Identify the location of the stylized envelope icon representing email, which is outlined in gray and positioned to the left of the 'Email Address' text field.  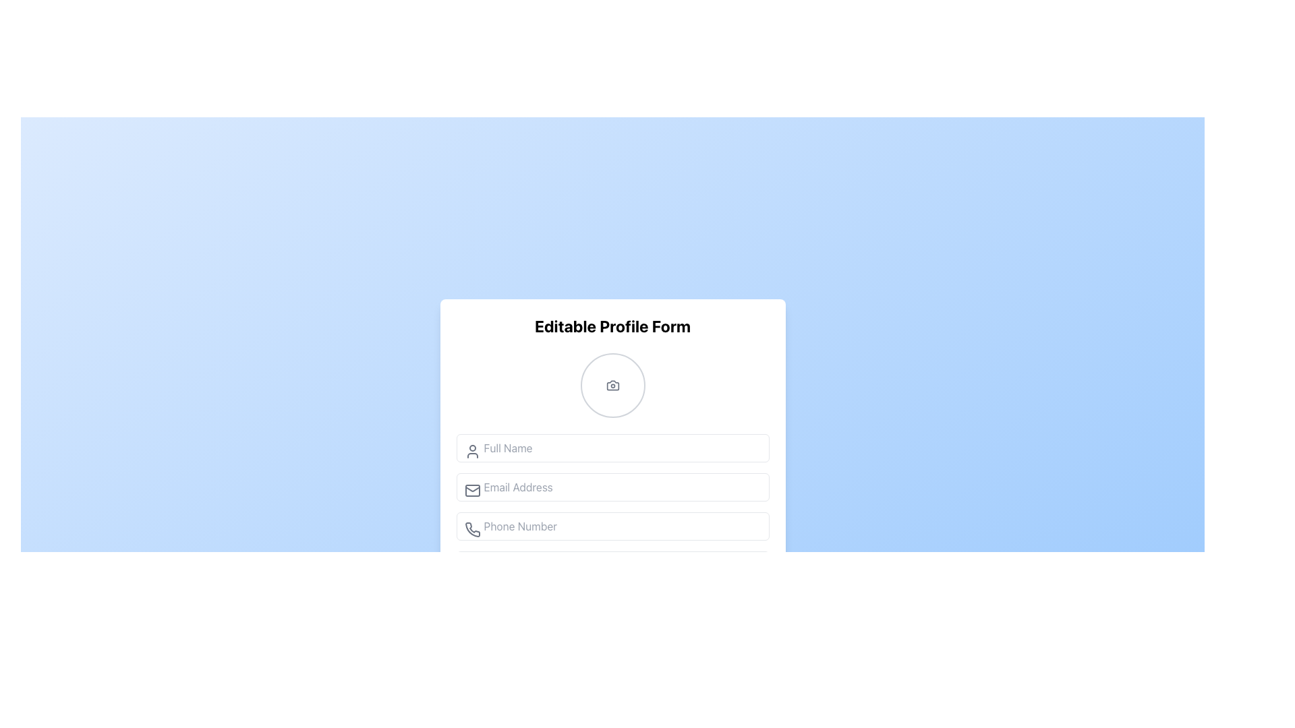
(472, 491).